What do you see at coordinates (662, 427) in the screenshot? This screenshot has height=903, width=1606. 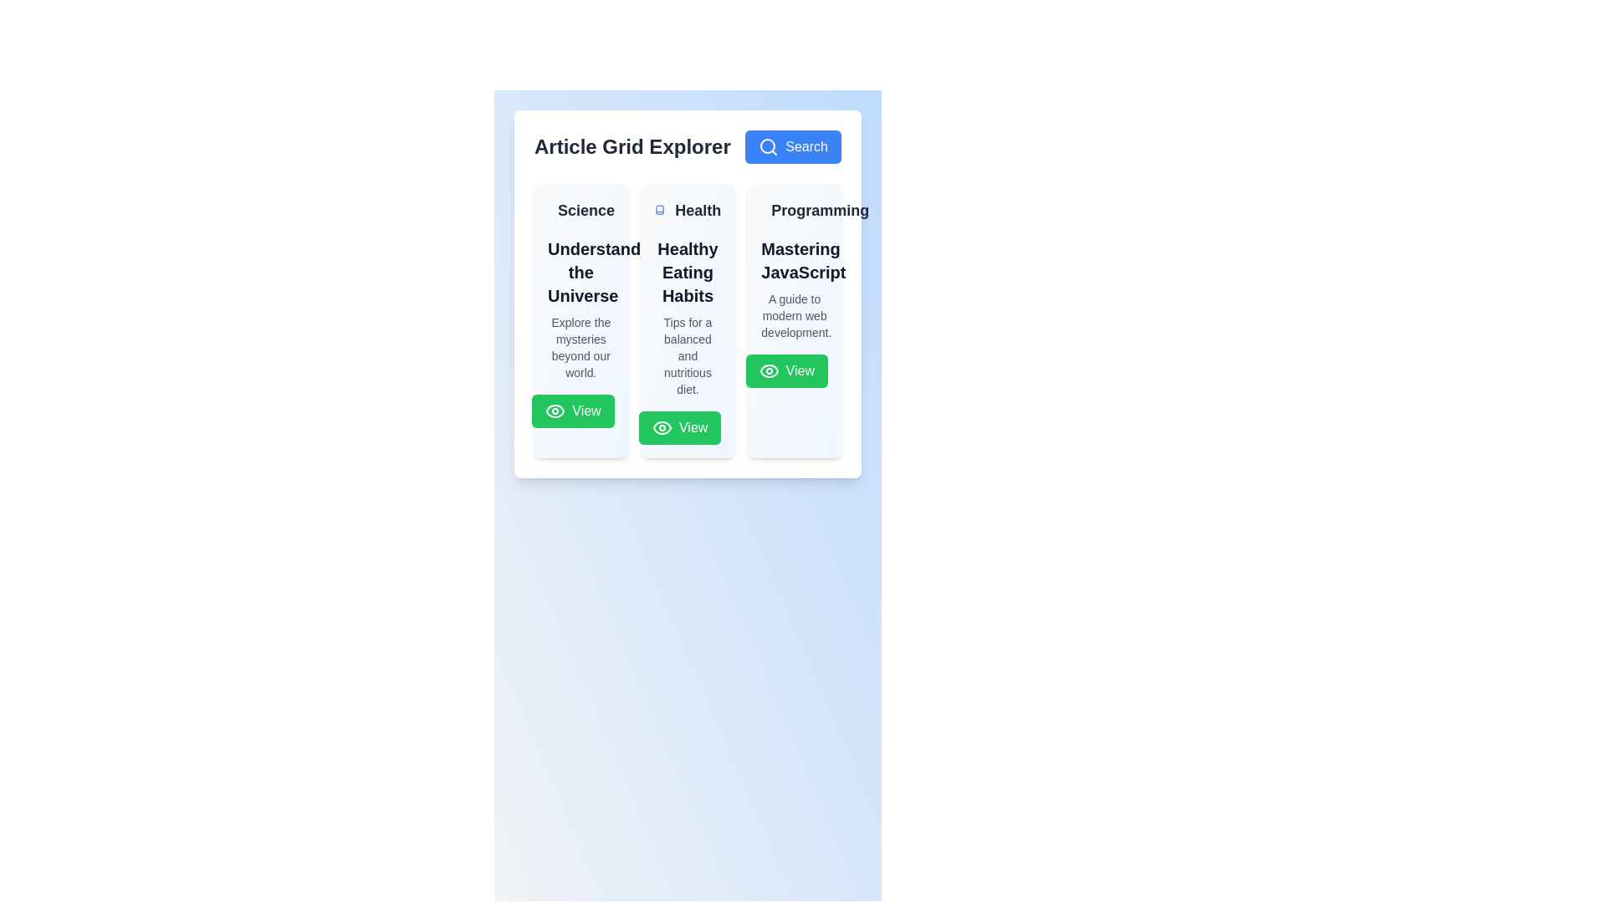 I see `the 'View' icon located within the green button below the 'Healthy Eating Habits' card` at bounding box center [662, 427].